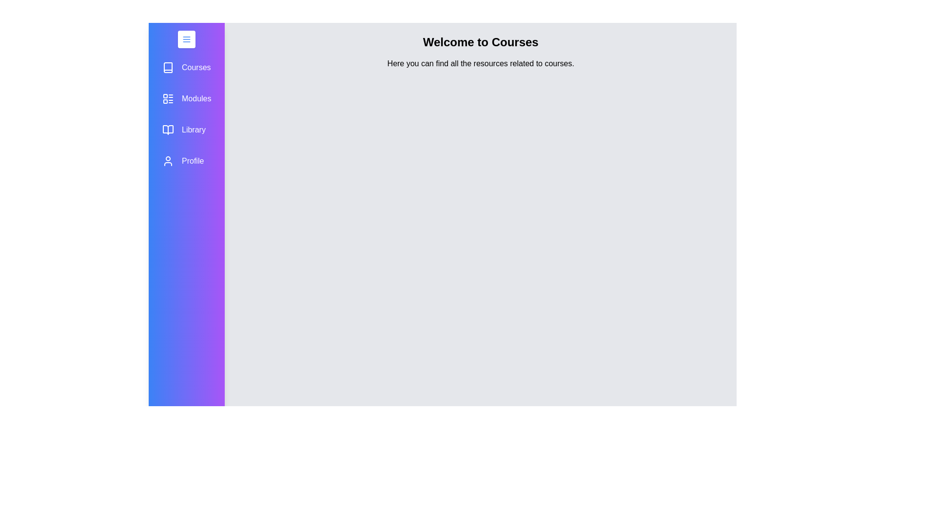 The image size is (936, 526). What do you see at coordinates (187, 67) in the screenshot?
I see `the Courses tab to observe the hover effect` at bounding box center [187, 67].